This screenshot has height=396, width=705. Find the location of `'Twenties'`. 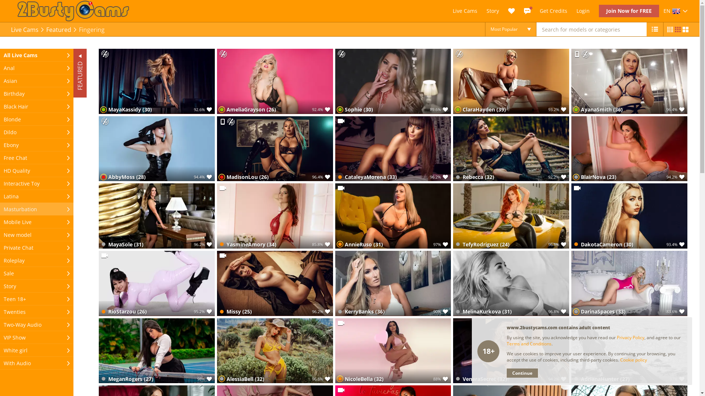

'Twenties' is located at coordinates (0, 312).